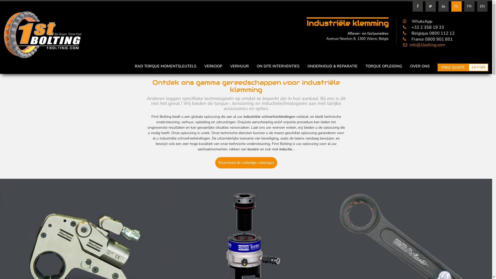 Image resolution: width=496 pixels, height=279 pixels. Describe the element at coordinates (332, 66) in the screenshot. I see `'ONDERHOUD & REPARATIE'` at that location.